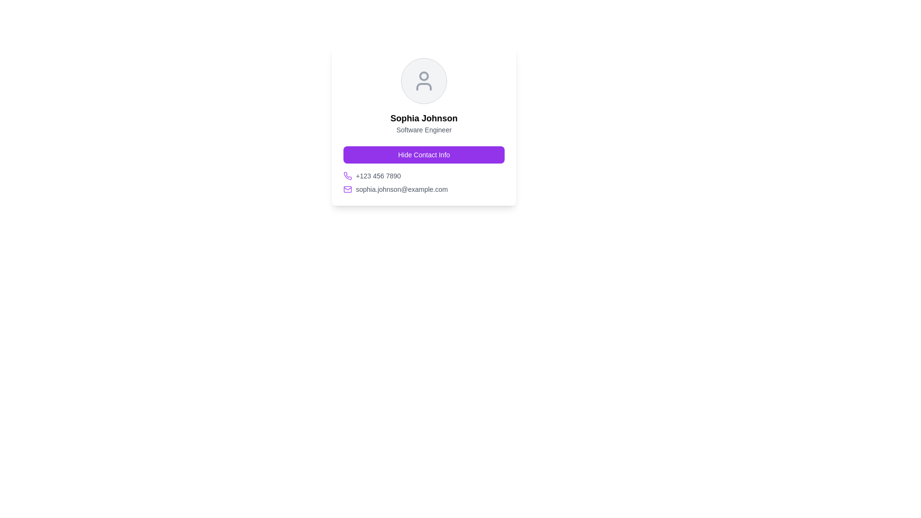  I want to click on the vivid purple button with white text labeled 'Hide Contact Info', so click(423, 154).